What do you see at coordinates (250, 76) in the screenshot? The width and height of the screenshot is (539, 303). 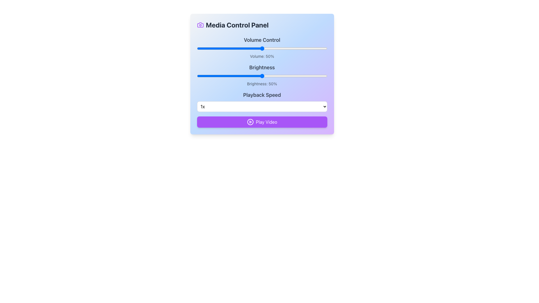 I see `brightness` at bounding box center [250, 76].